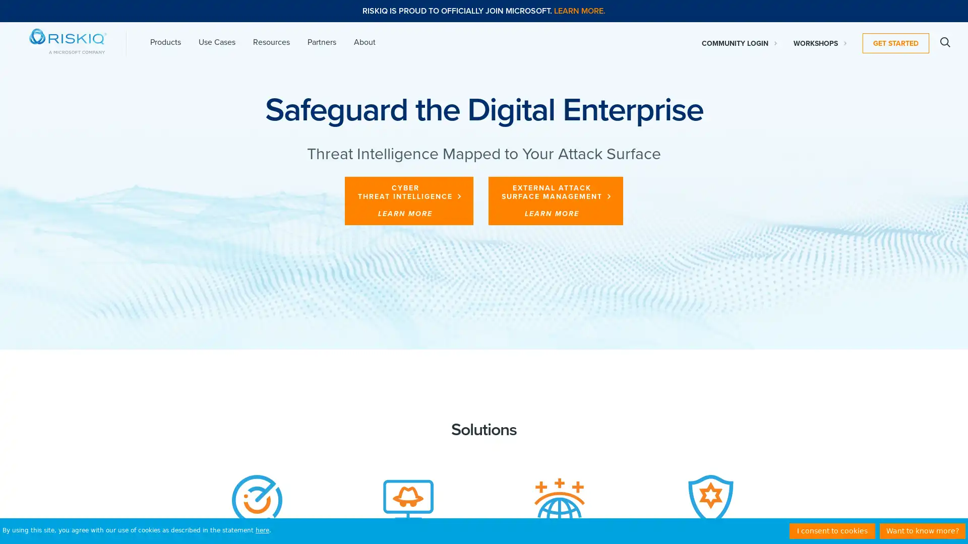  I want to click on Search, so click(945, 42).